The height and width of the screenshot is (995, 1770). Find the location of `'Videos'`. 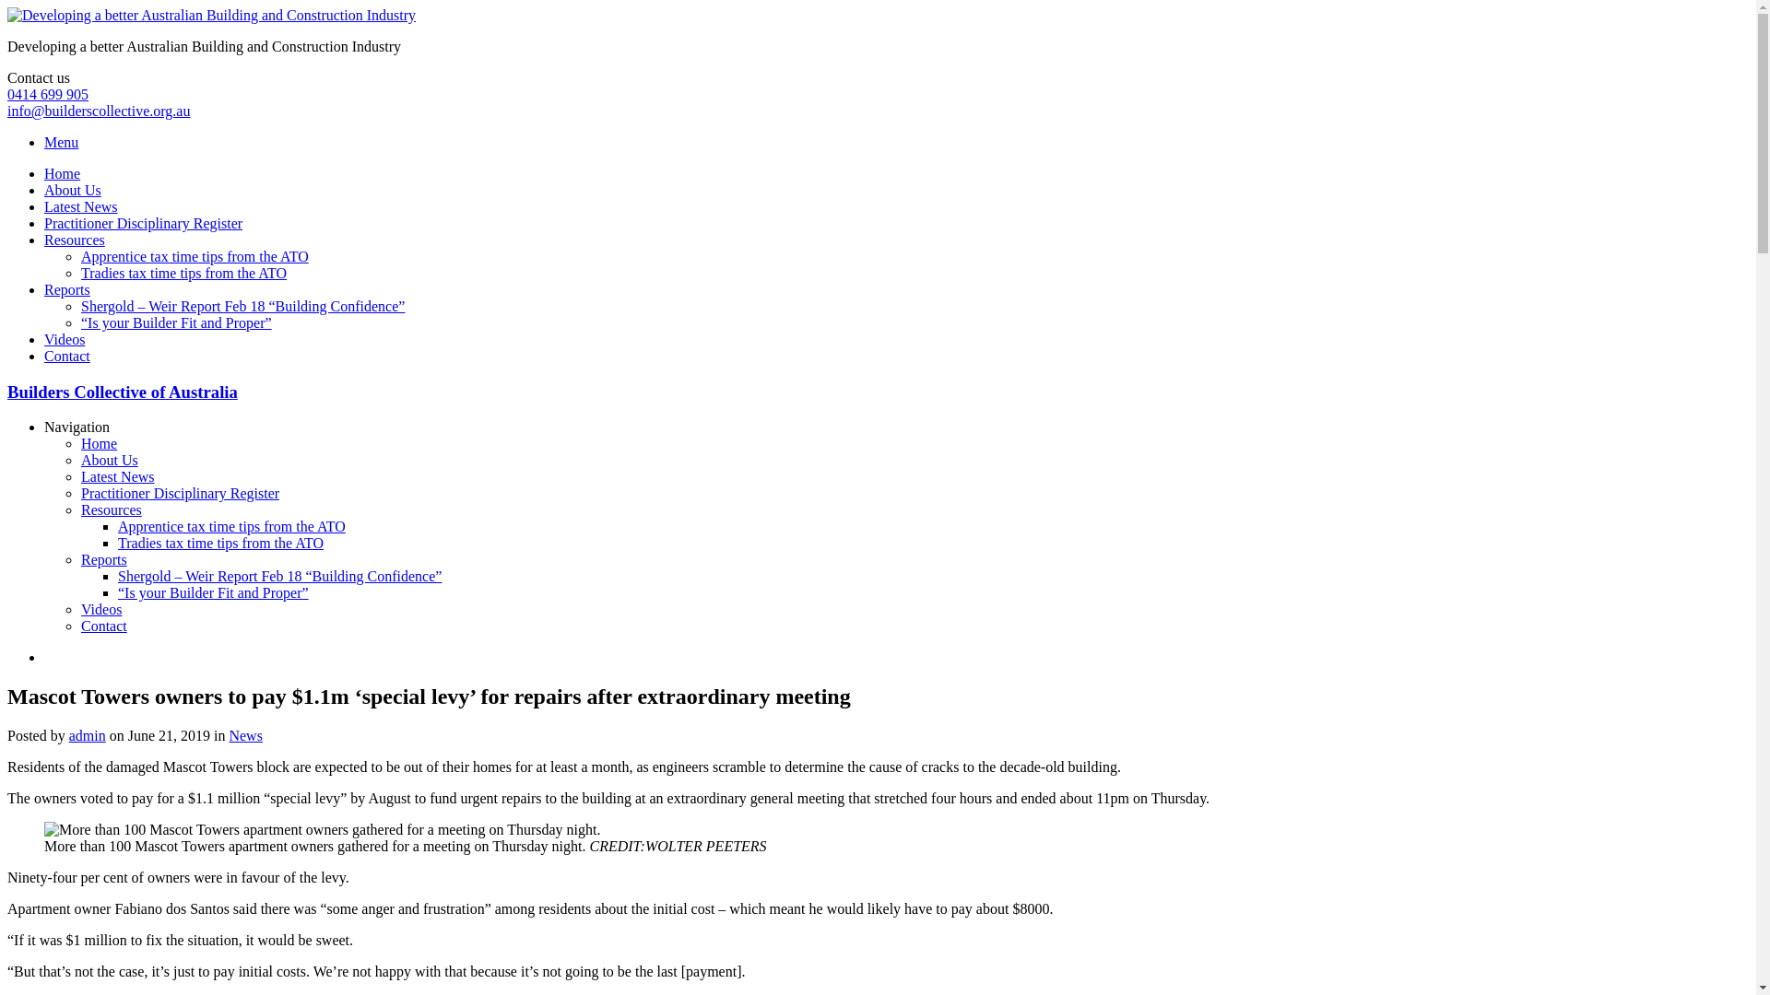

'Videos' is located at coordinates (100, 609).